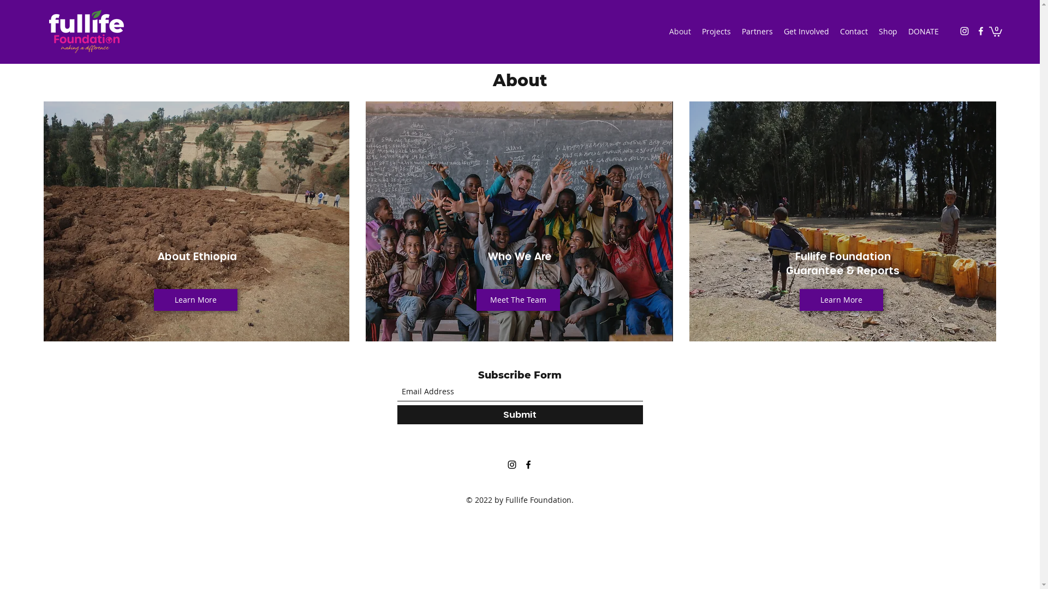 This screenshot has height=589, width=1048. What do you see at coordinates (834, 31) in the screenshot?
I see `'Contact'` at bounding box center [834, 31].